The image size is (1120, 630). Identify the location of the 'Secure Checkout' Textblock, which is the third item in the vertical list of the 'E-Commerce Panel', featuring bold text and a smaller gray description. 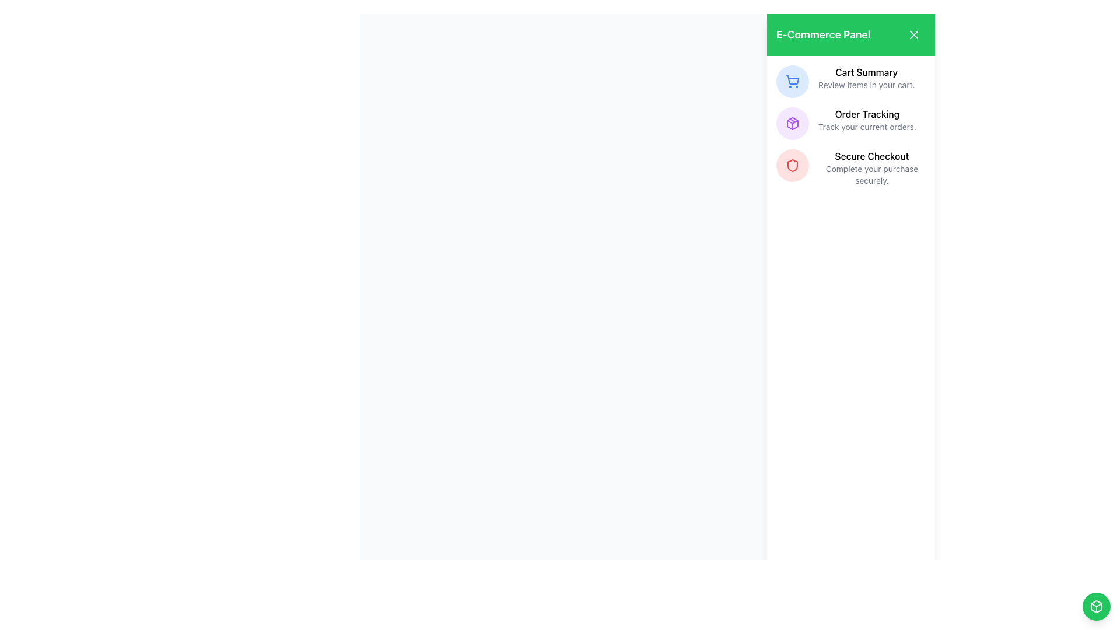
(871, 168).